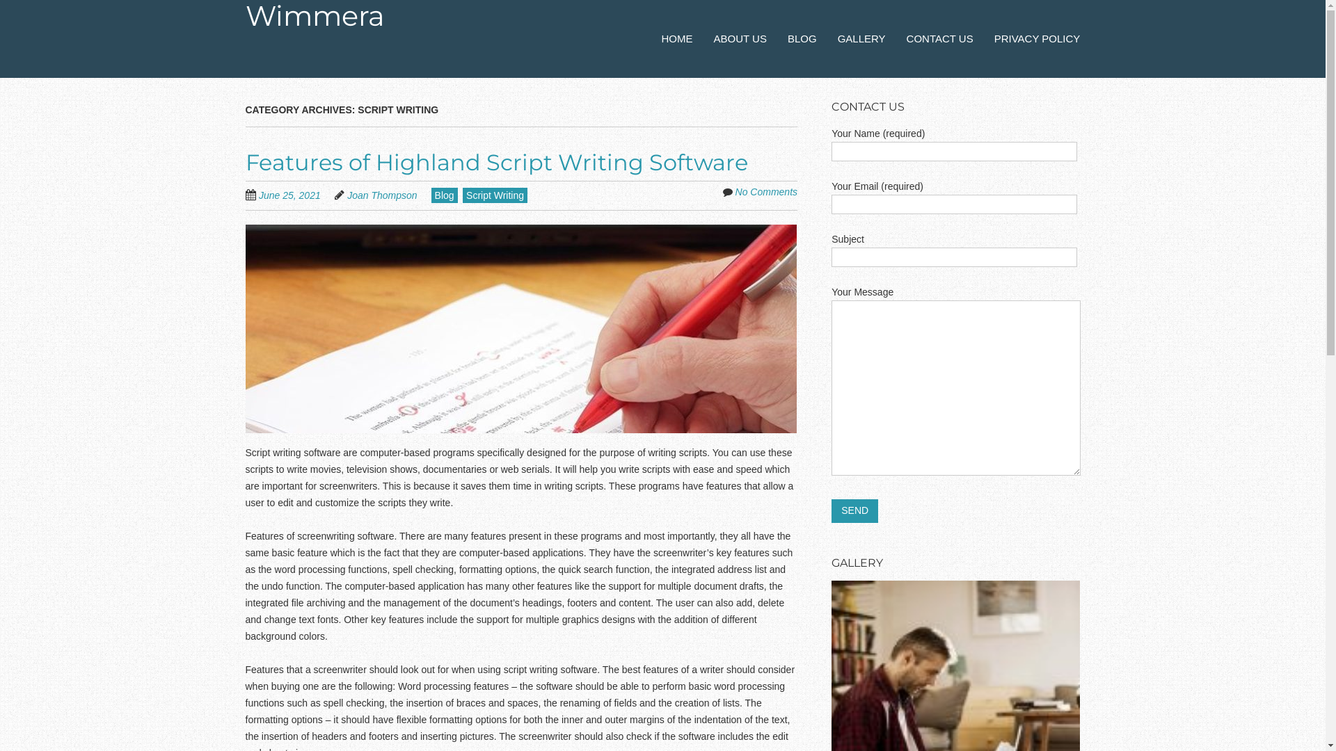 The height and width of the screenshot is (751, 1336). Describe the element at coordinates (861, 38) in the screenshot. I see `'GALLERY'` at that location.